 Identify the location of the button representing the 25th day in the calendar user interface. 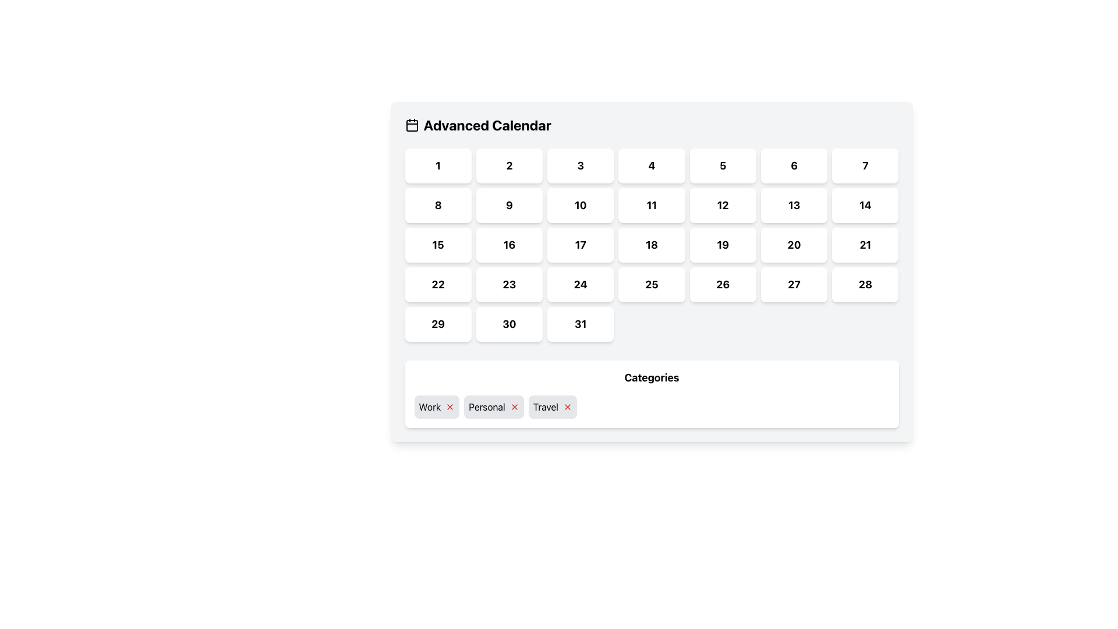
(651, 285).